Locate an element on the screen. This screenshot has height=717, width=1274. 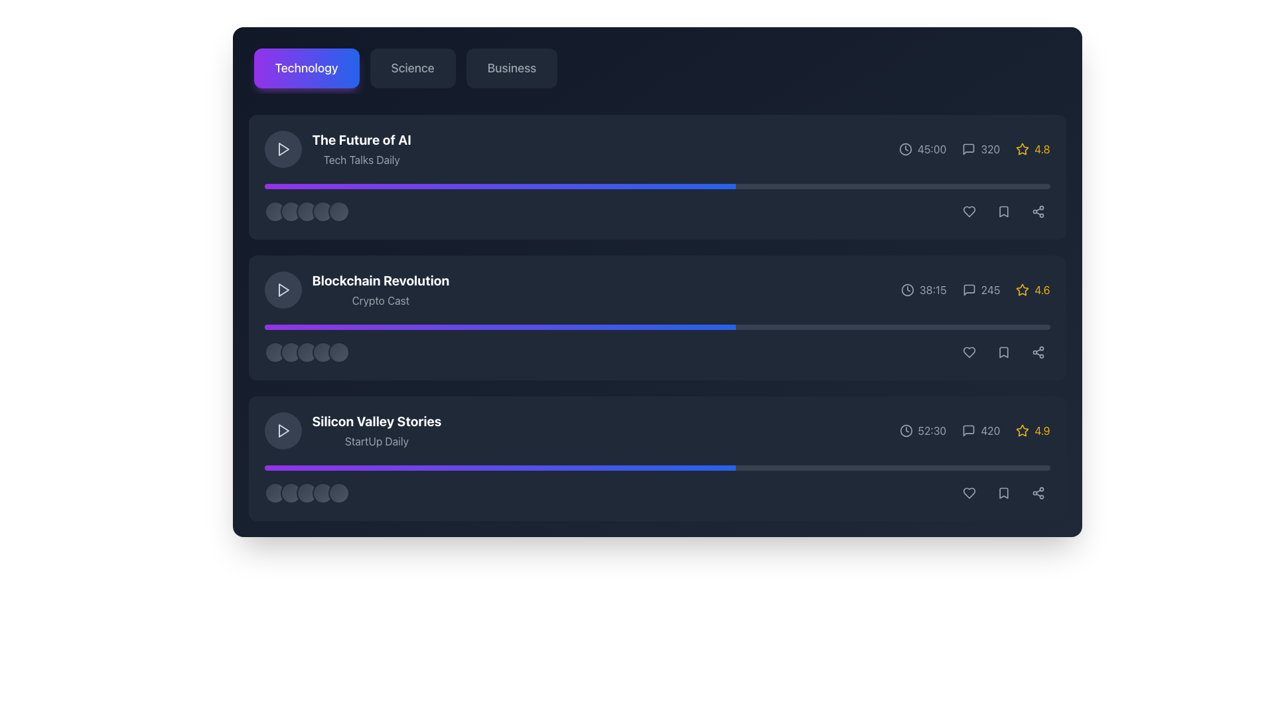
the time icon located to the left of the text '52:30' in the bottommost entry of the list is located at coordinates (905, 430).